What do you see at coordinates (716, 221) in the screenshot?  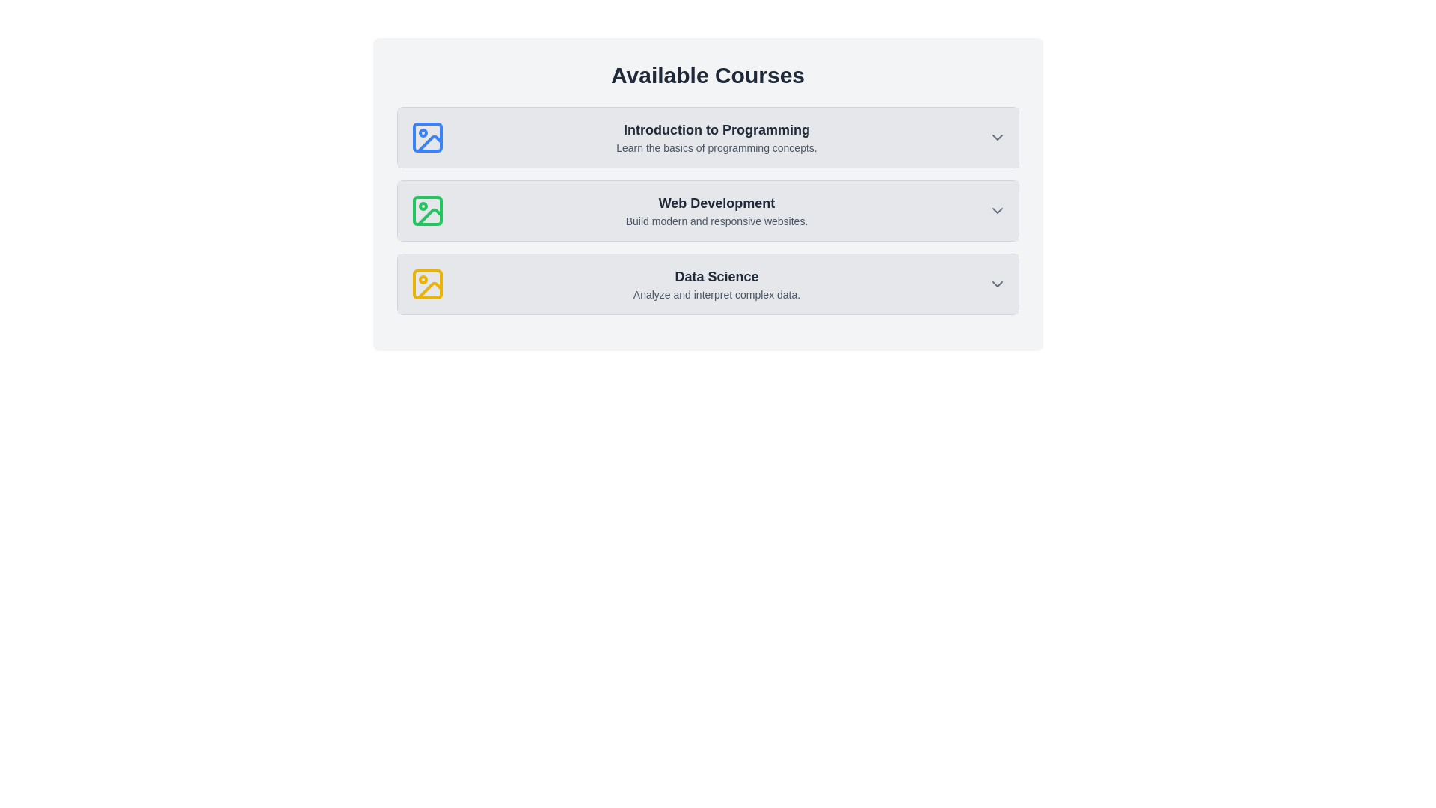 I see `the text label that reads 'Build modern and responsive websites.', which is styled in light gray color and positioned beneath the heading 'Web Development' in the 'Available Courses' section` at bounding box center [716, 221].